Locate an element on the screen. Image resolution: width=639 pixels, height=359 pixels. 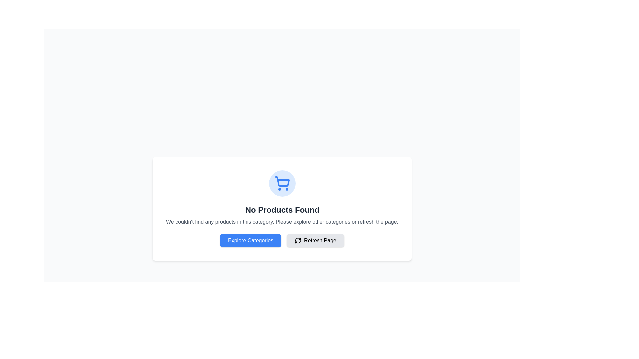
the 'Refresh Page' button located in the Interactive Button Group below the heading 'No Products Found' is located at coordinates (282, 241).